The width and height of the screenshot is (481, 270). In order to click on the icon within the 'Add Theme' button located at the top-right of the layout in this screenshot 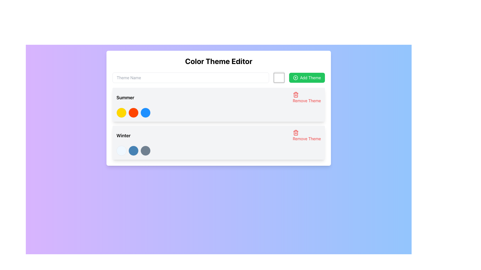, I will do `click(295, 78)`.